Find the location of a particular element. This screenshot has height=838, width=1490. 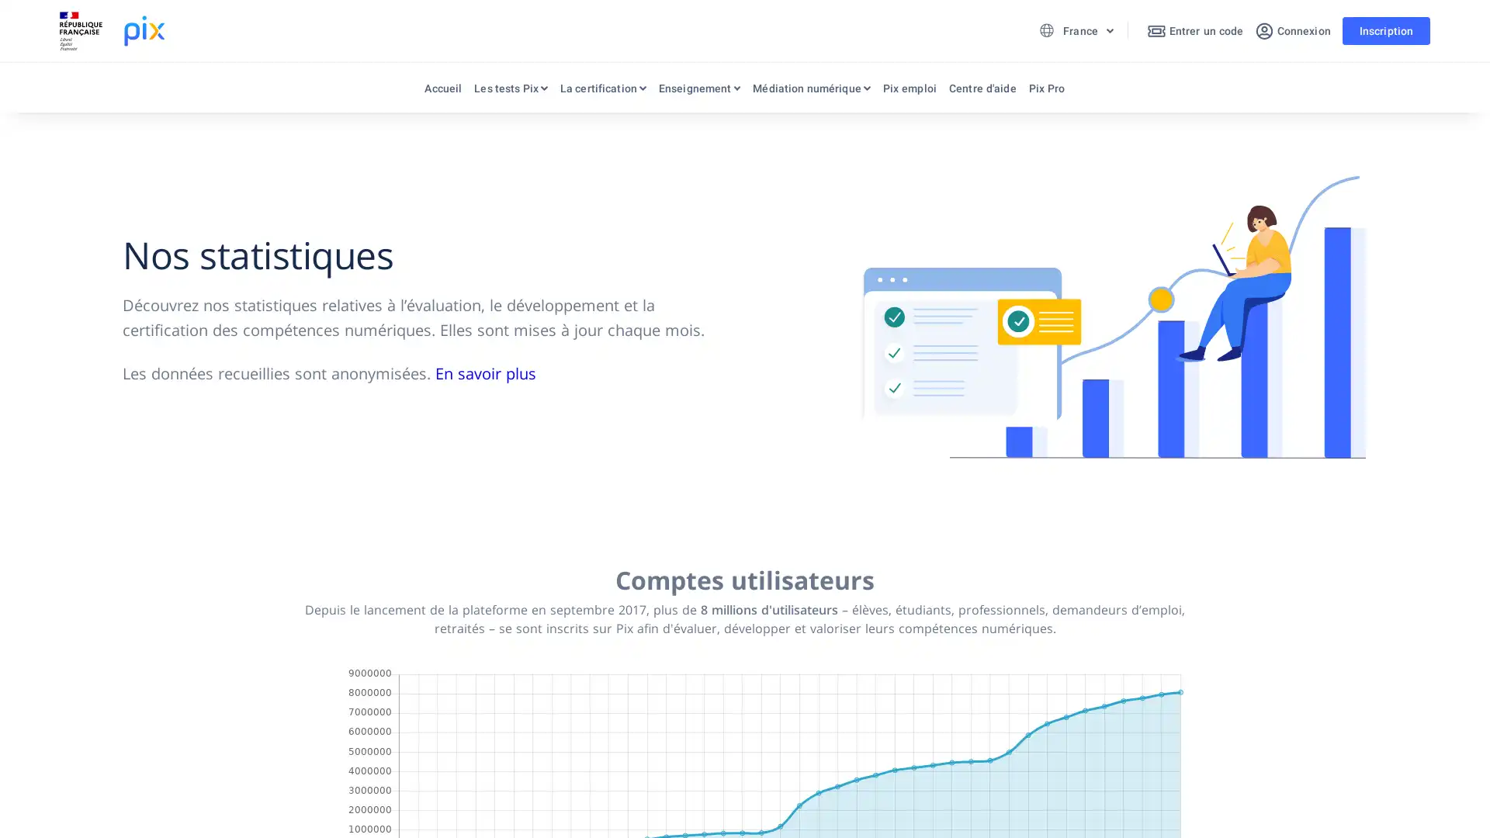

Enseignement is located at coordinates (698, 92).